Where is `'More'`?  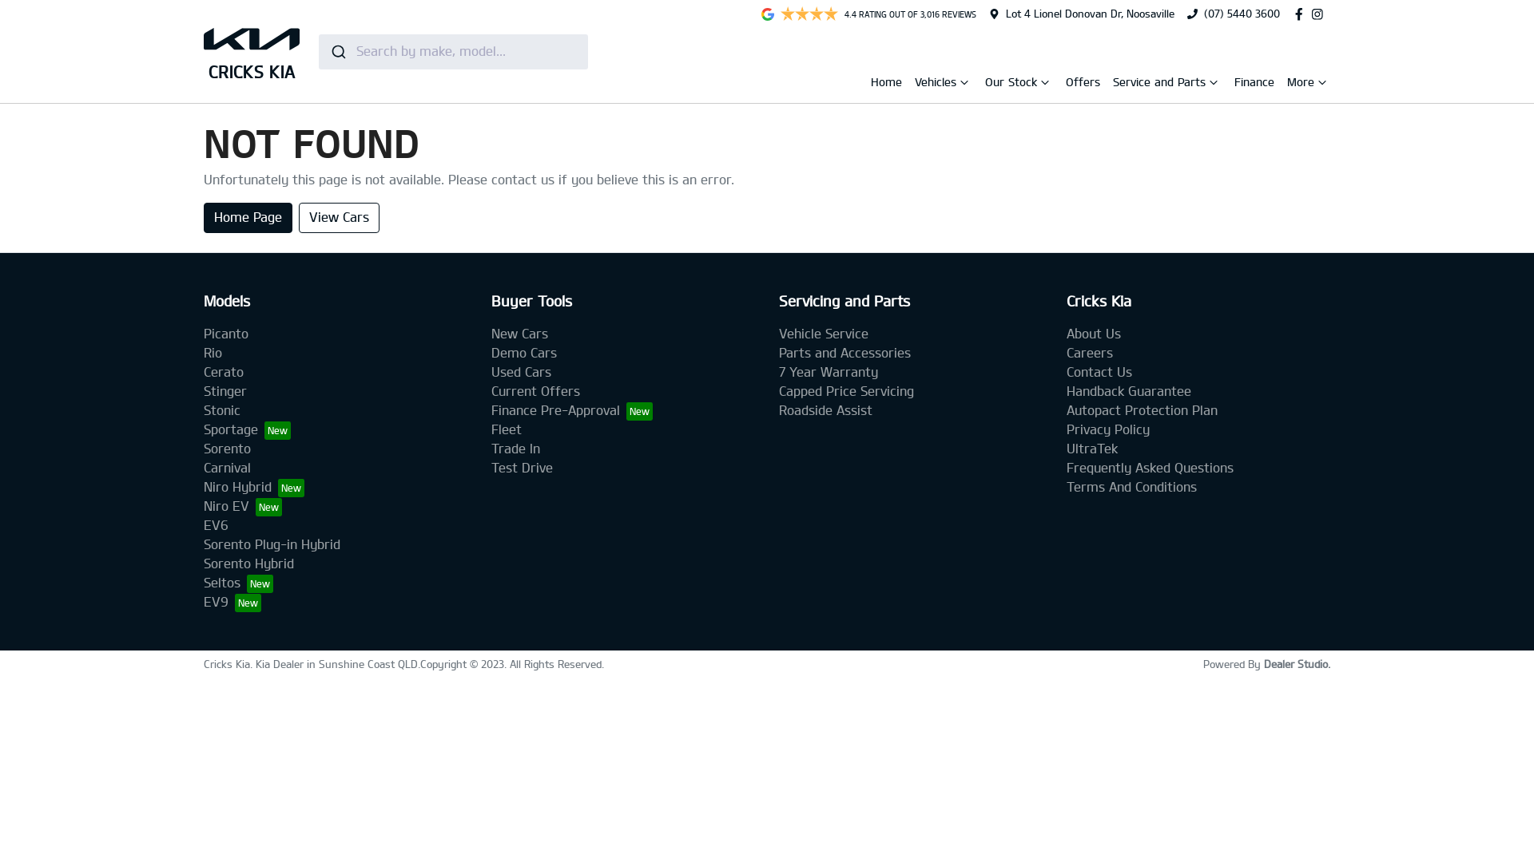 'More' is located at coordinates (1302, 85).